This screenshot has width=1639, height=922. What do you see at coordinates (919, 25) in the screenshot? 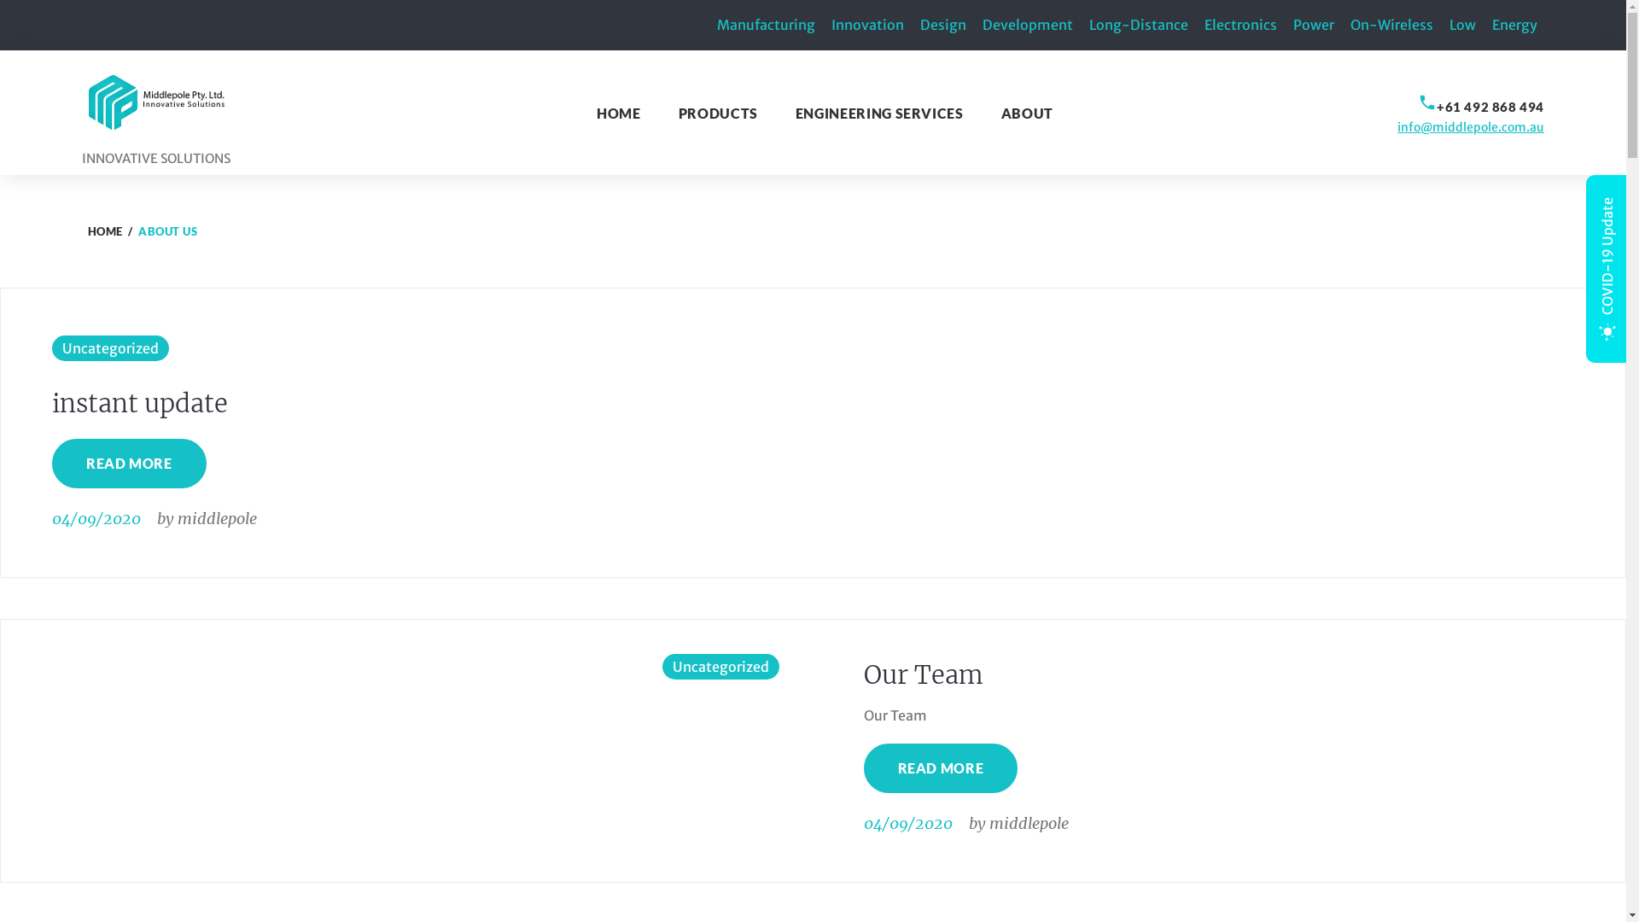
I see `'Design'` at bounding box center [919, 25].